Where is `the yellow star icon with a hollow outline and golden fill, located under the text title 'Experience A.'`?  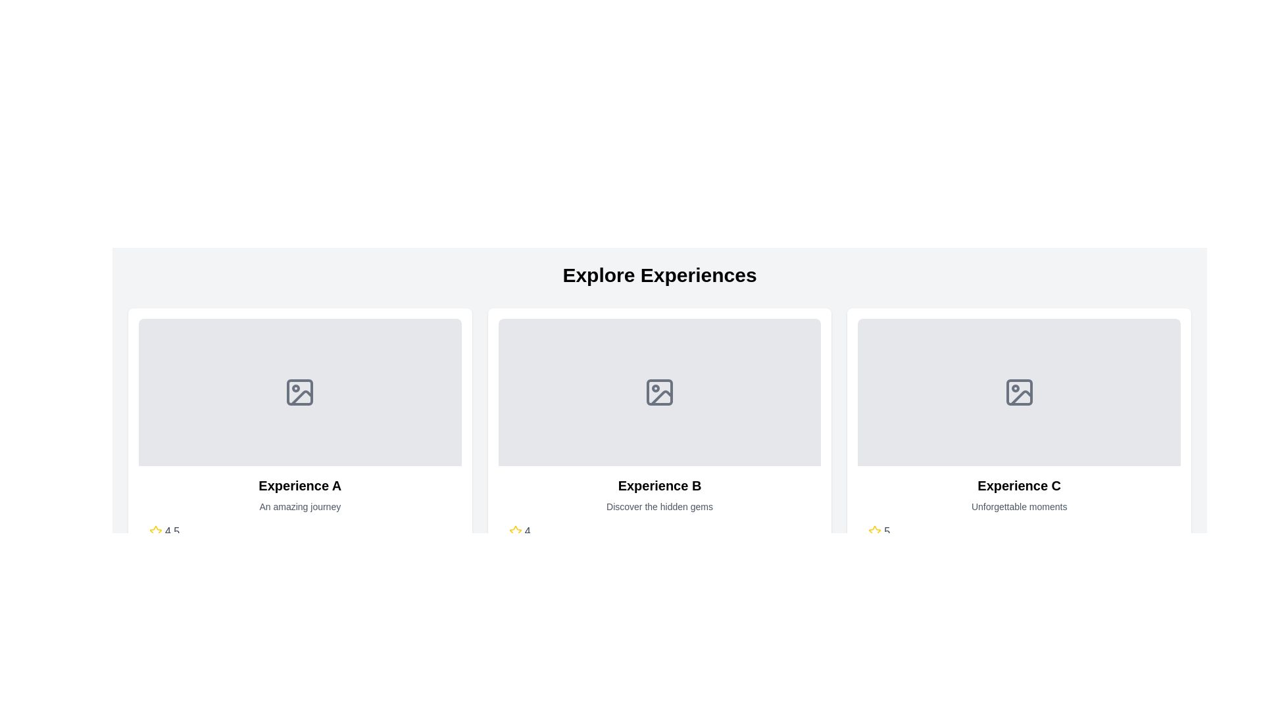 the yellow star icon with a hollow outline and golden fill, located under the text title 'Experience A.' is located at coordinates (514, 531).